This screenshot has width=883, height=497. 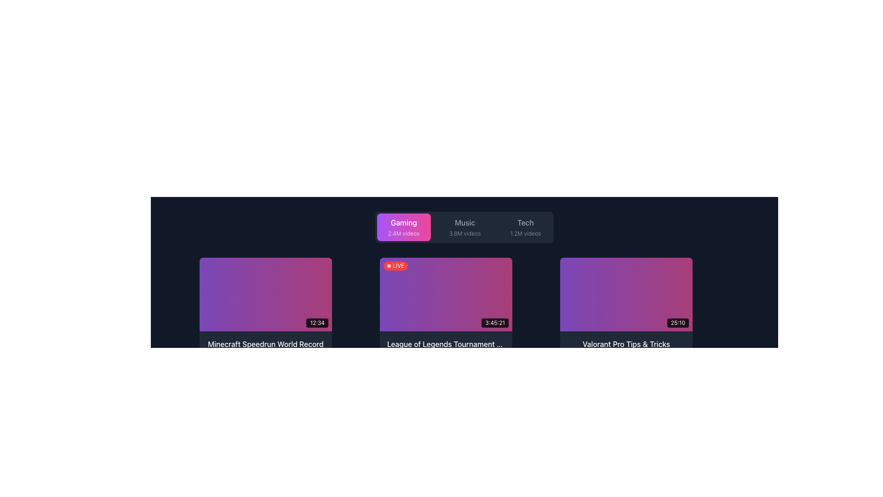 What do you see at coordinates (465, 222) in the screenshot?
I see `text label indicating the 'Music' category, which is centrally located in the navigation bar above the '3.8M videos' subtext` at bounding box center [465, 222].